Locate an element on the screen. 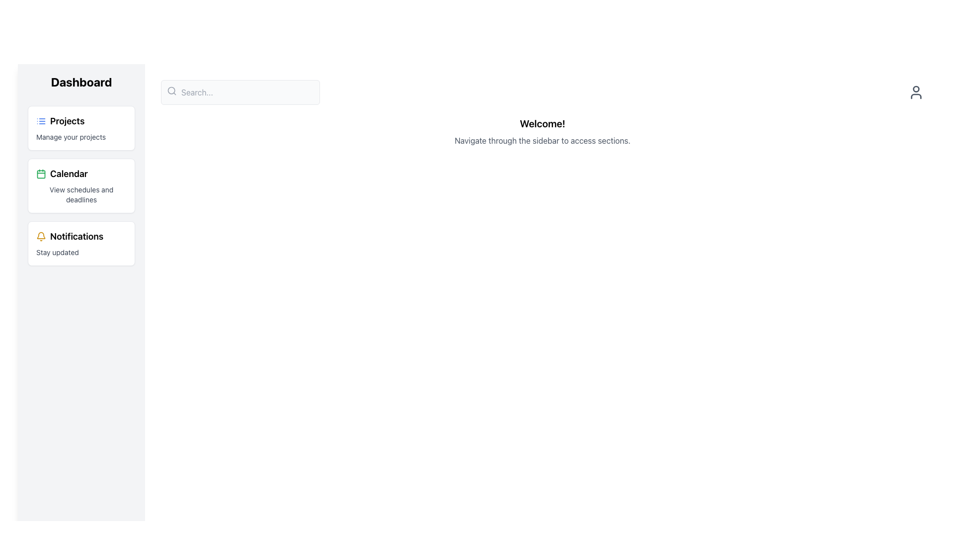 This screenshot has height=537, width=954. the 'Projects' icon located in the vertical navigation bar to the left of the text label 'Projects' is located at coordinates (40, 120).